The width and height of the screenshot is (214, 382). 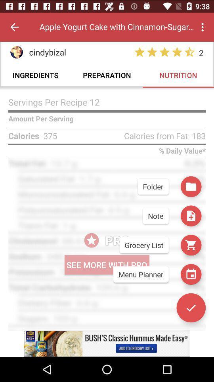 I want to click on the cart icon, so click(x=191, y=245).